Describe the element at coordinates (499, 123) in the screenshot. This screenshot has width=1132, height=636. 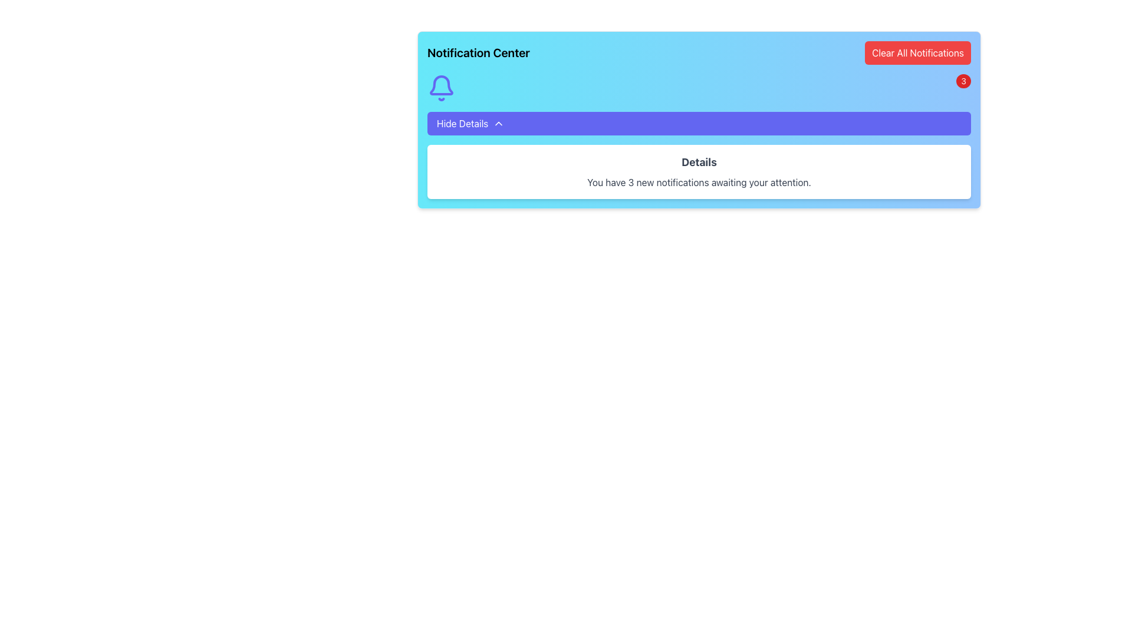
I see `the Chevron Icon located inside the 'Hide Details' button` at that location.